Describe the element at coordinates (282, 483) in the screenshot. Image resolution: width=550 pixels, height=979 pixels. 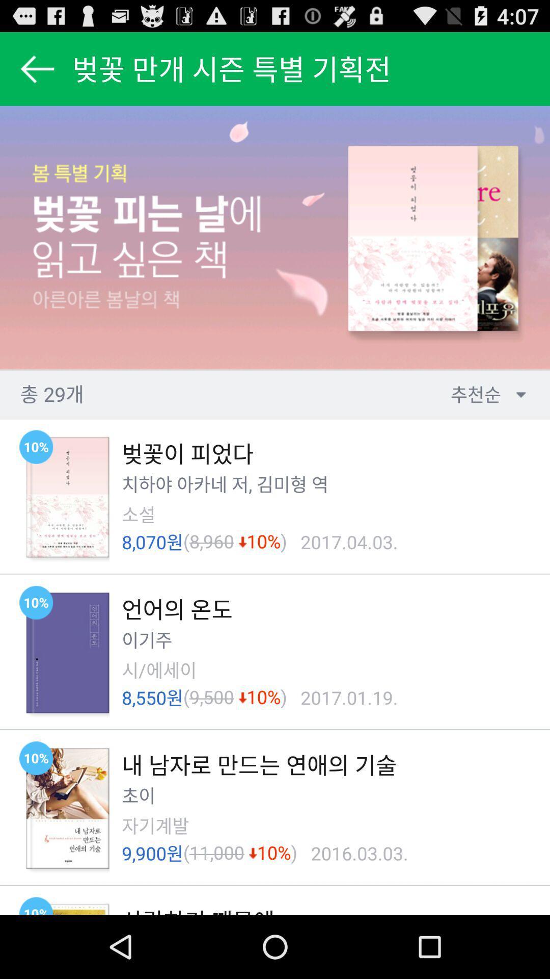
I see `the app to the right of ,  app` at that location.